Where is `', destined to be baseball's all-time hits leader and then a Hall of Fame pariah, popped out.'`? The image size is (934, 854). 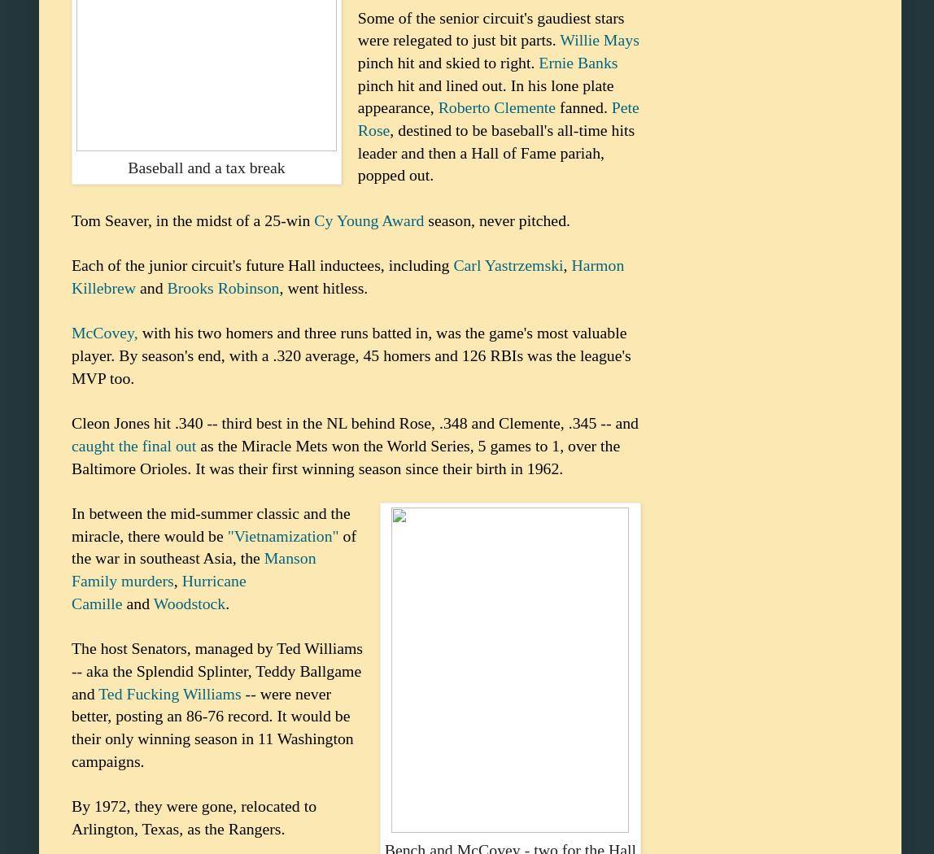
', destined to be baseball's all-time hits leader and then a Hall of Fame pariah, popped out.' is located at coordinates (495, 152).